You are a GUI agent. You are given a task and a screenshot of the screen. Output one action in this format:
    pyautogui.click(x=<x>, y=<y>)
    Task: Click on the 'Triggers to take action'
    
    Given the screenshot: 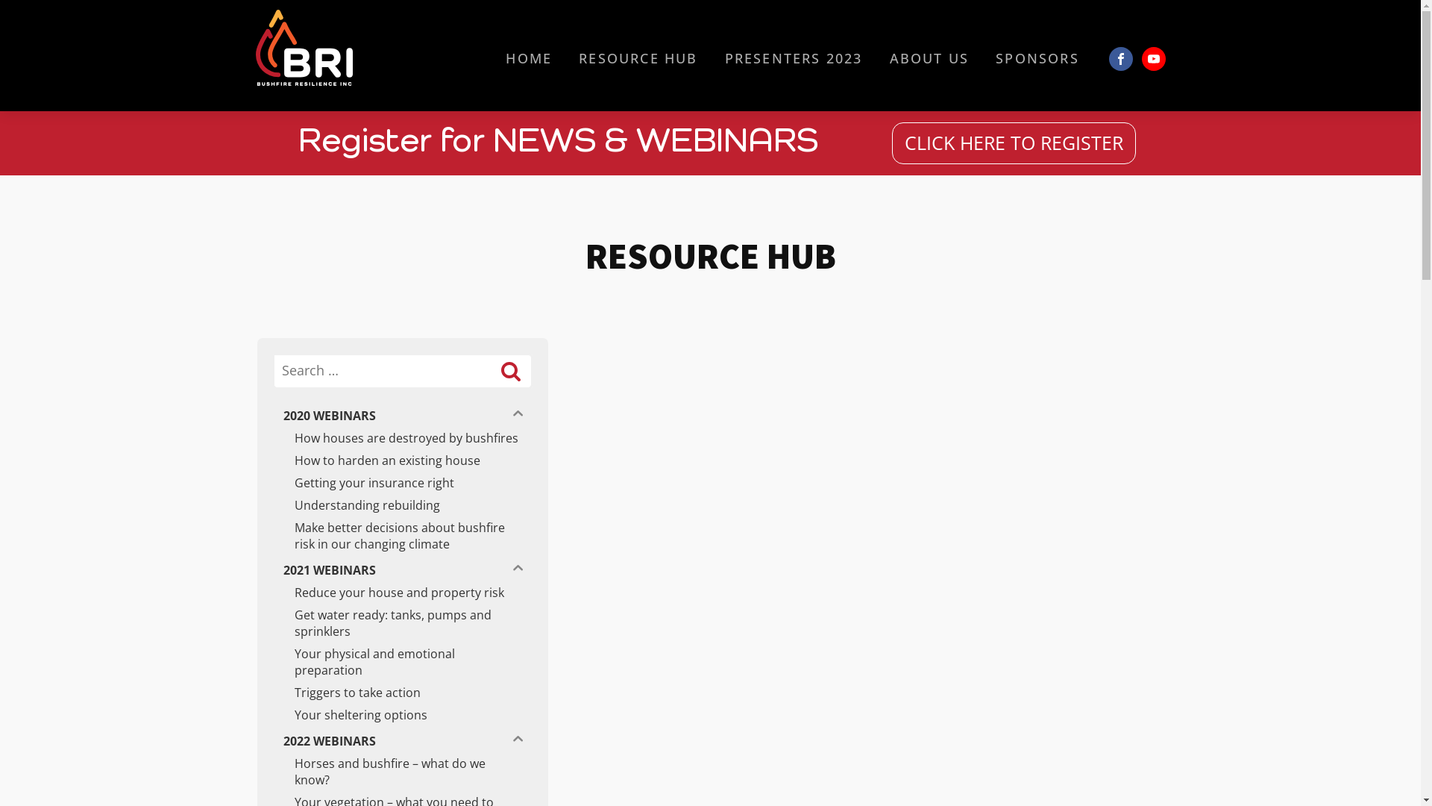 What is the action you would take?
    pyautogui.click(x=401, y=693)
    